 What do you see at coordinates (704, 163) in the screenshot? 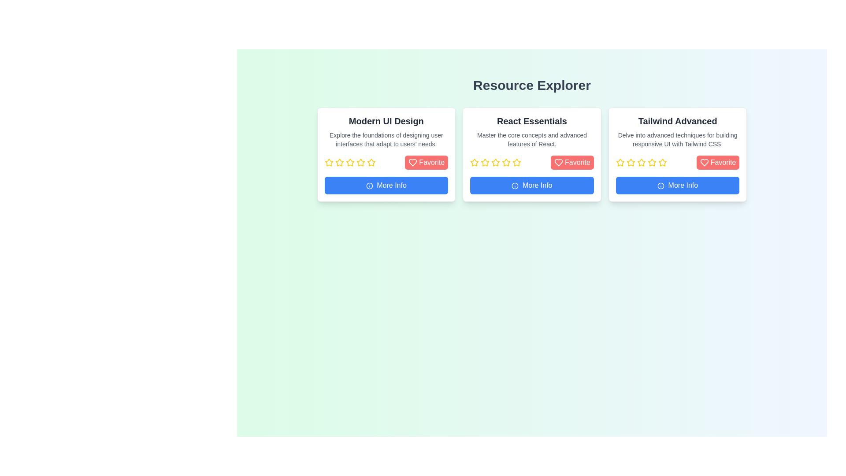
I see `the red heart icon located inside the second 'Favorite' button on the right side of the interface` at bounding box center [704, 163].